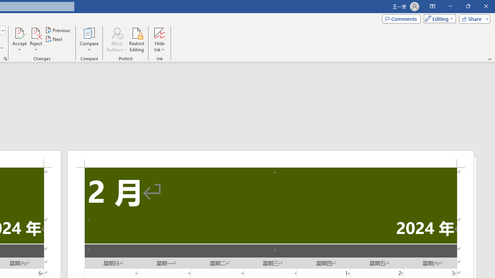 Image resolution: width=495 pixels, height=278 pixels. What do you see at coordinates (116, 40) in the screenshot?
I see `'Block Authors'` at bounding box center [116, 40].